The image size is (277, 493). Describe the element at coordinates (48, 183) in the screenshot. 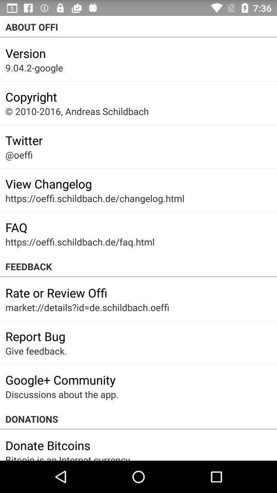

I see `the view changelog icon` at that location.